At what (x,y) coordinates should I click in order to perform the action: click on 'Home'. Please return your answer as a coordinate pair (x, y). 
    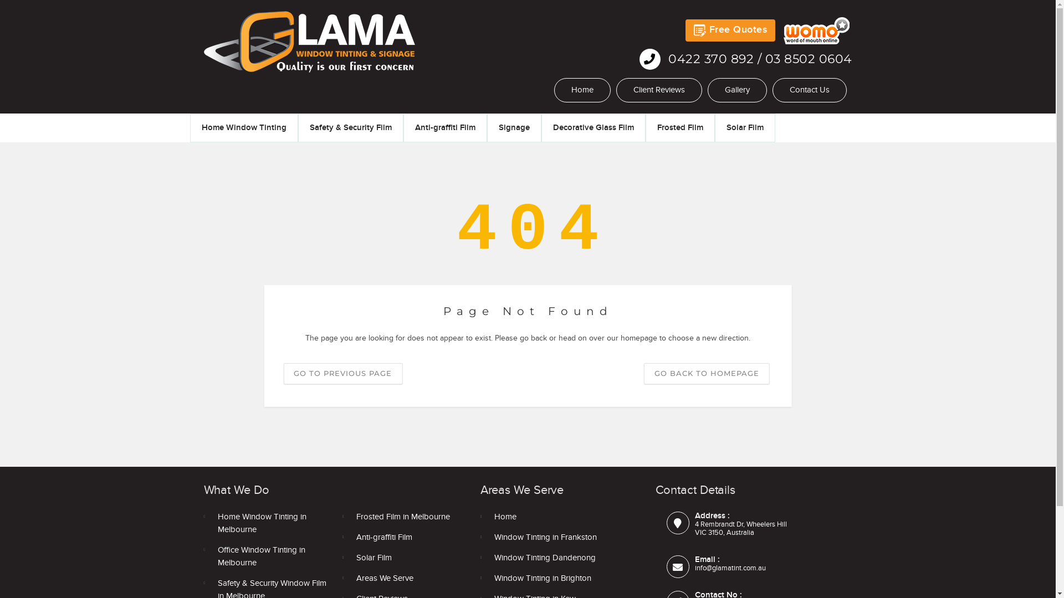
    Looking at the image, I should click on (582, 89).